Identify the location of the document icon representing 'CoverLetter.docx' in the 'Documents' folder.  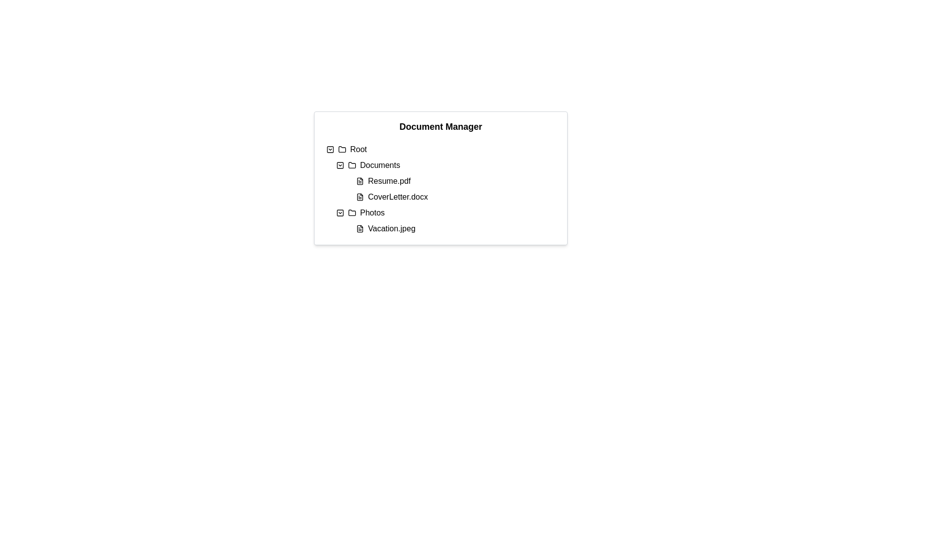
(359, 197).